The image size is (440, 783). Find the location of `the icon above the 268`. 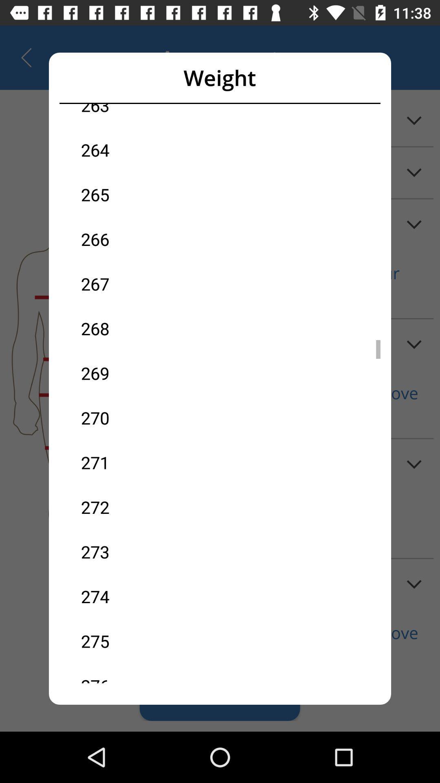

the icon above the 268 is located at coordinates (150, 284).